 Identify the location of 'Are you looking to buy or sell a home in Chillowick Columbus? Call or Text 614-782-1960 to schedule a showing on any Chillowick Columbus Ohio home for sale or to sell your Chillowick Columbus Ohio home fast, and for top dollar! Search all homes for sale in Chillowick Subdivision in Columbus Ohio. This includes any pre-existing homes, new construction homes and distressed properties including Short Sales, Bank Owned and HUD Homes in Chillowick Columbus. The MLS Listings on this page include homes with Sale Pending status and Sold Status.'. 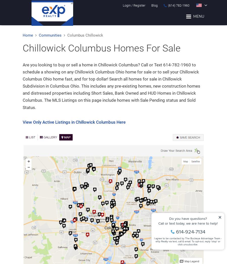
(111, 86).